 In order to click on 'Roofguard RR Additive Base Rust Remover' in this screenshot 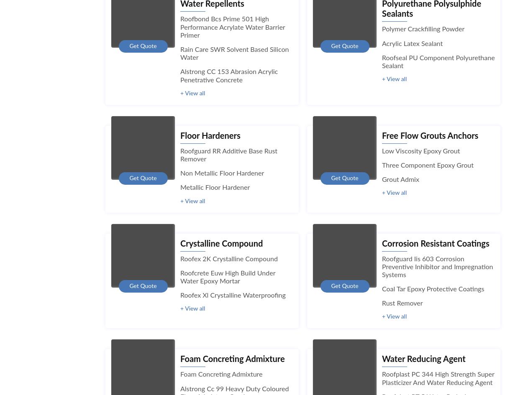, I will do `click(229, 154)`.